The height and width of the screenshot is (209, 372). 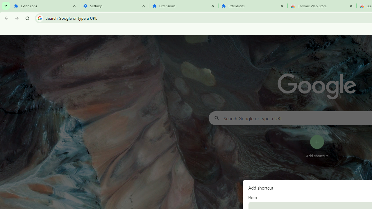 What do you see at coordinates (17, 18) in the screenshot?
I see `'Forward'` at bounding box center [17, 18].